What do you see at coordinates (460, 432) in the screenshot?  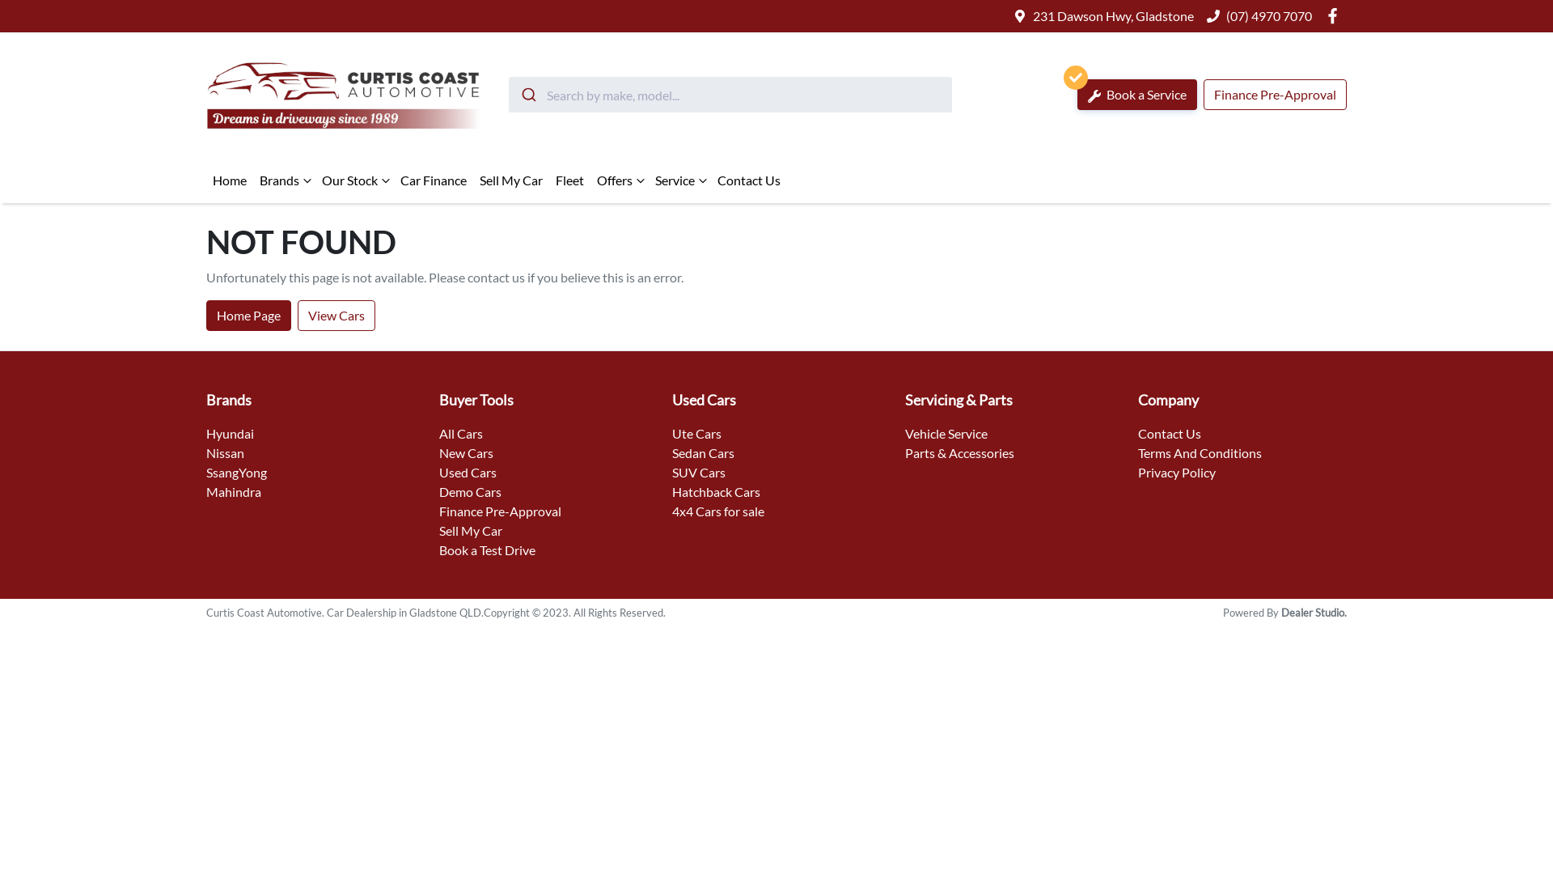 I see `'All Cars'` at bounding box center [460, 432].